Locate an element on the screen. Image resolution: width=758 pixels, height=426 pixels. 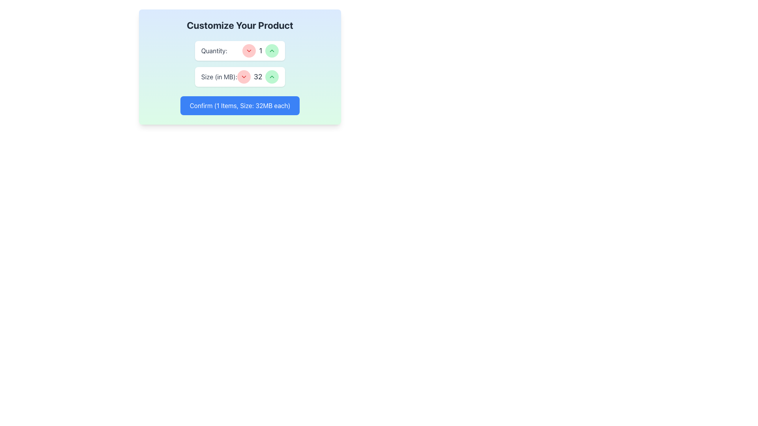
the circular button with a downward-pointing chevron icon, located beside the number '32' in the 'Size (in MB):' section, to decrease the value is located at coordinates (244, 77).